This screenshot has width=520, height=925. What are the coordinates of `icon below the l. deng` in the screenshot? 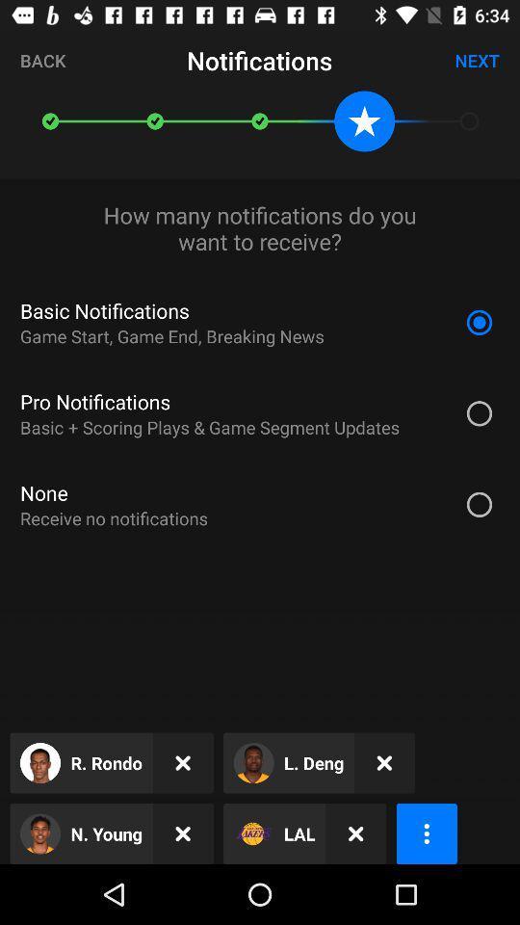 It's located at (354, 832).